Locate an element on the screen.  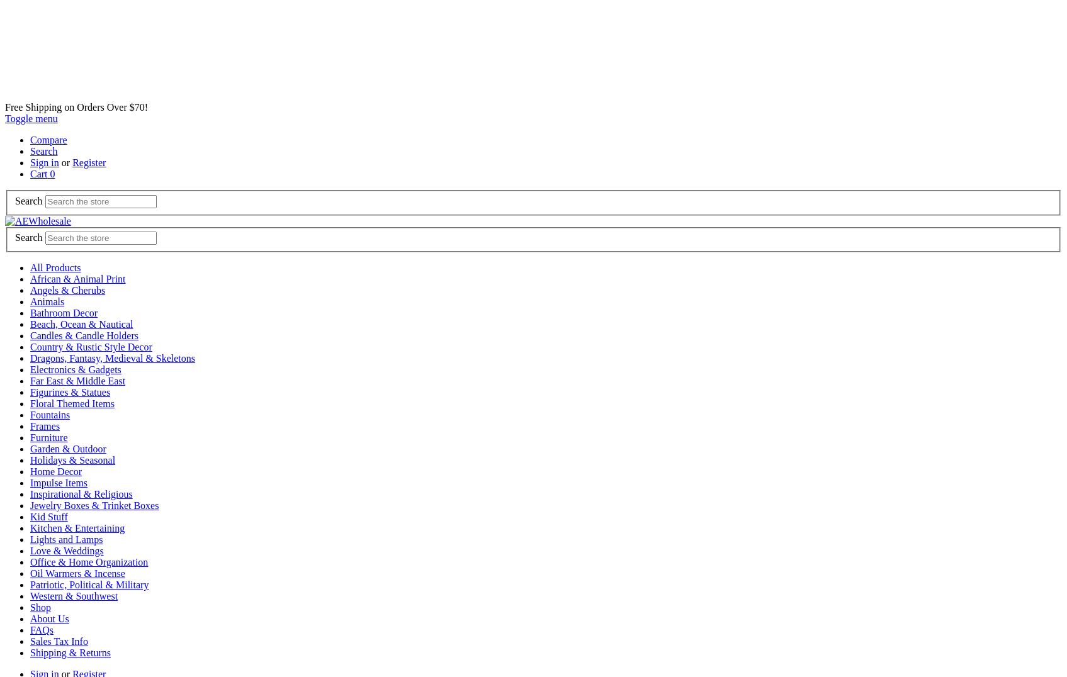
'Floral Themed Items' is located at coordinates (71, 403).